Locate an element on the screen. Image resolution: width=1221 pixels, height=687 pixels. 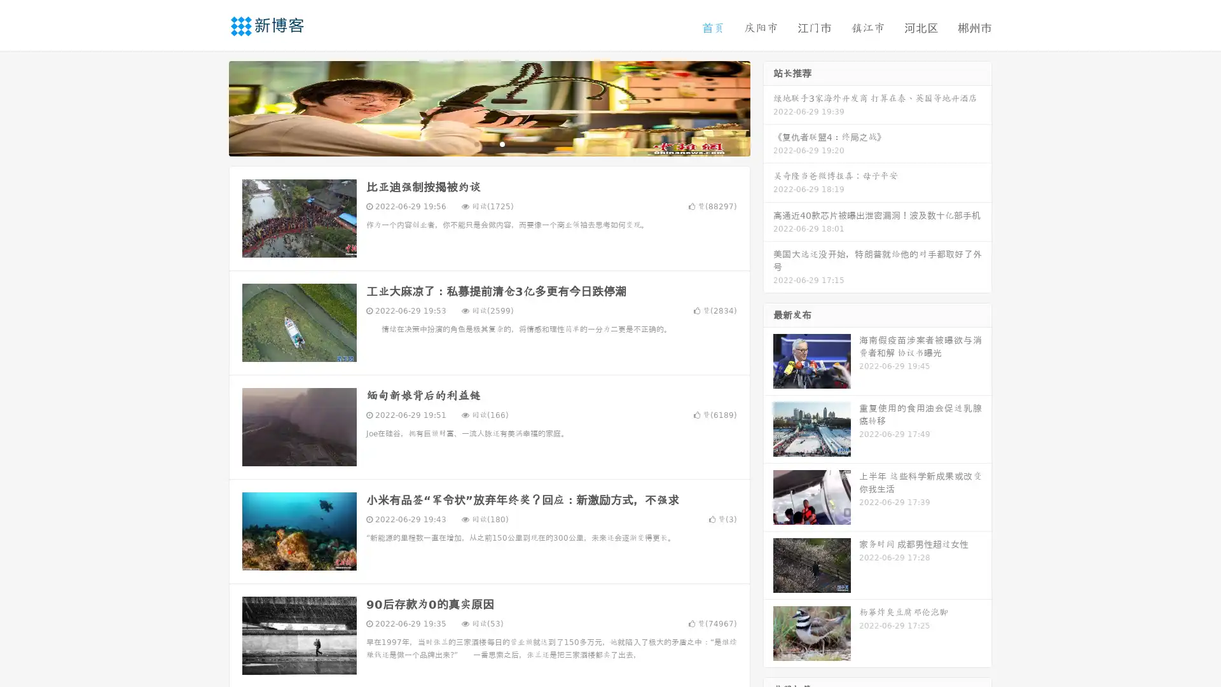
Previous slide is located at coordinates (210, 107).